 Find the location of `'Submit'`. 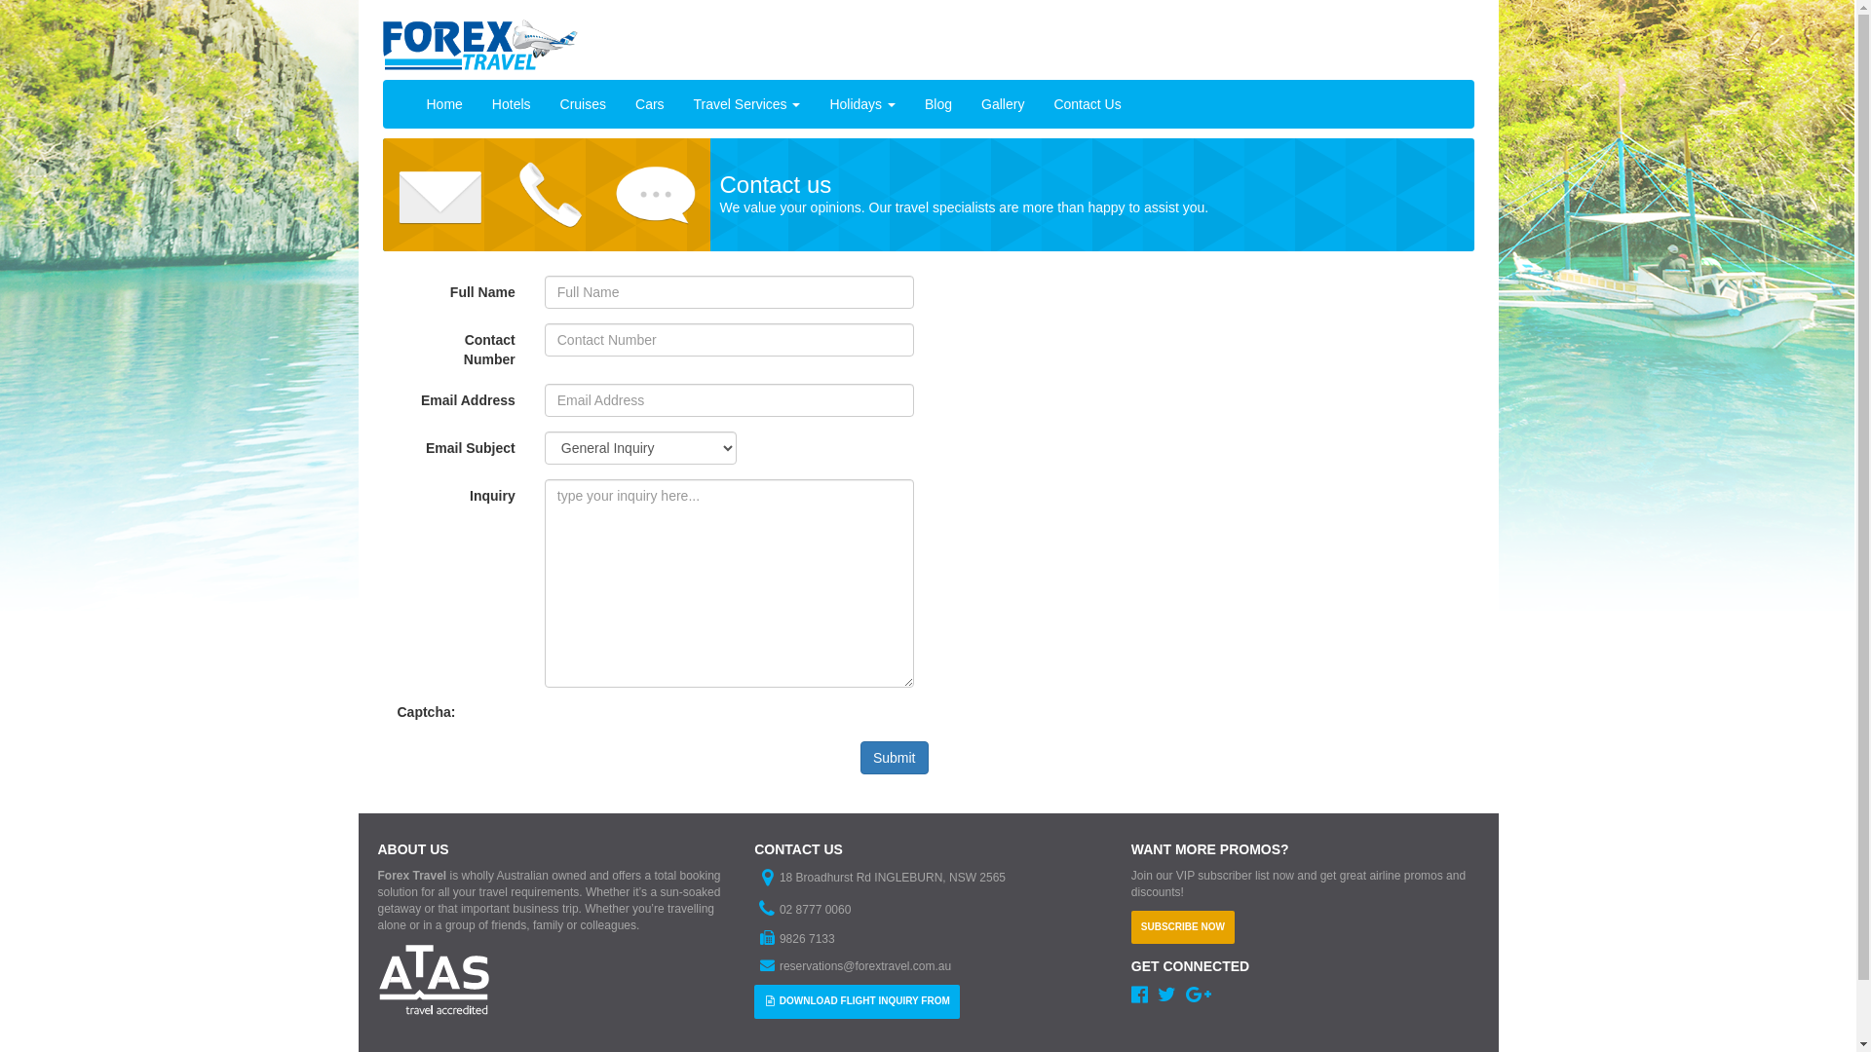

'Submit' is located at coordinates (893, 757).